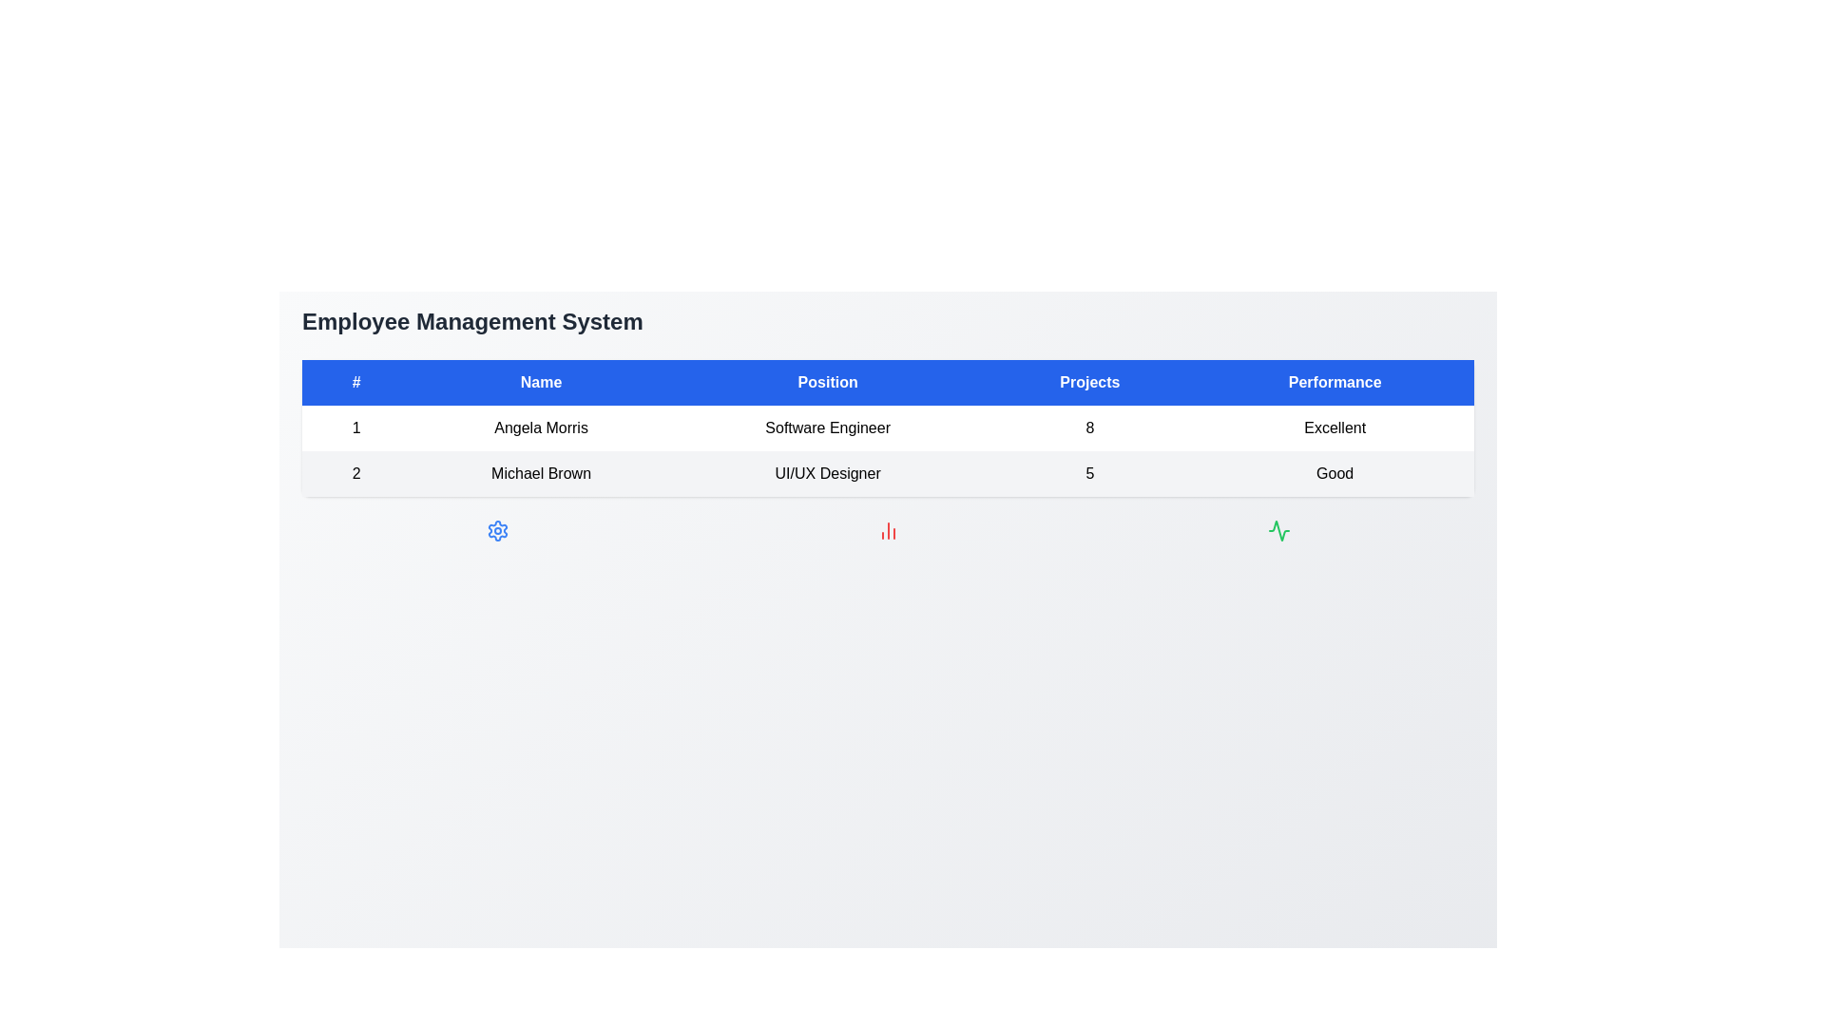  What do you see at coordinates (1334, 472) in the screenshot?
I see `the text label element displaying 'Good' in the Performance column of the data table for Michael Brown` at bounding box center [1334, 472].